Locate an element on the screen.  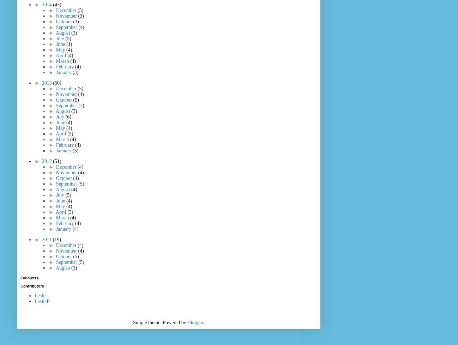
'(50)' is located at coordinates (56, 83).